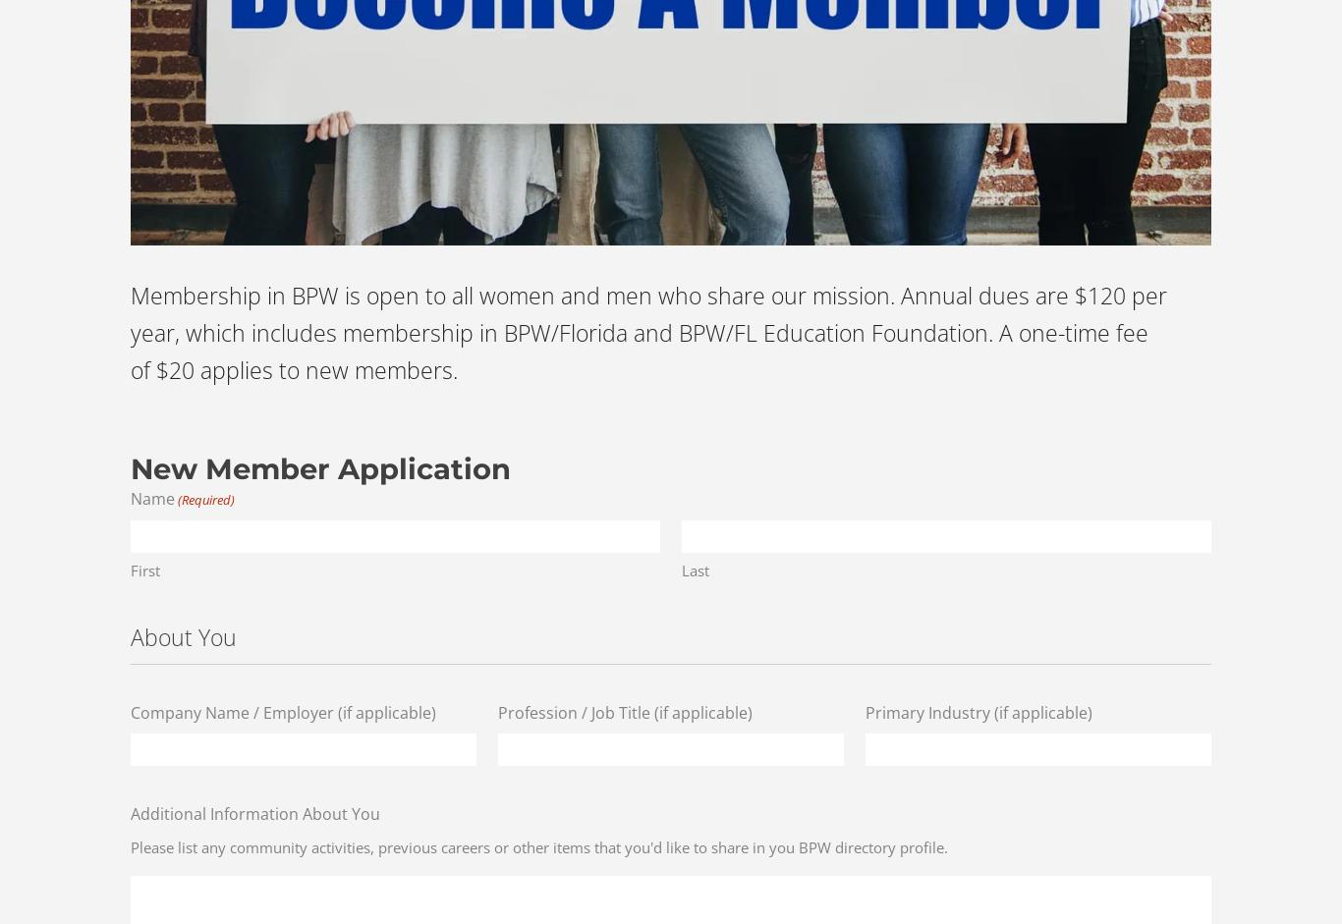 The height and width of the screenshot is (924, 1342). I want to click on '(Required)', so click(204, 498).